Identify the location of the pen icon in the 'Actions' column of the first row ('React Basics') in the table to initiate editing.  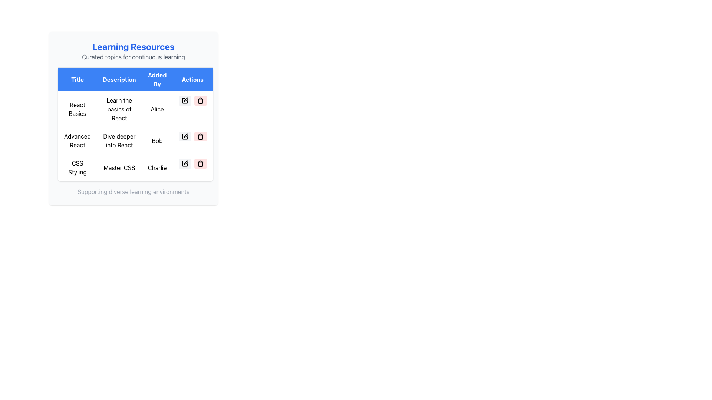
(185, 99).